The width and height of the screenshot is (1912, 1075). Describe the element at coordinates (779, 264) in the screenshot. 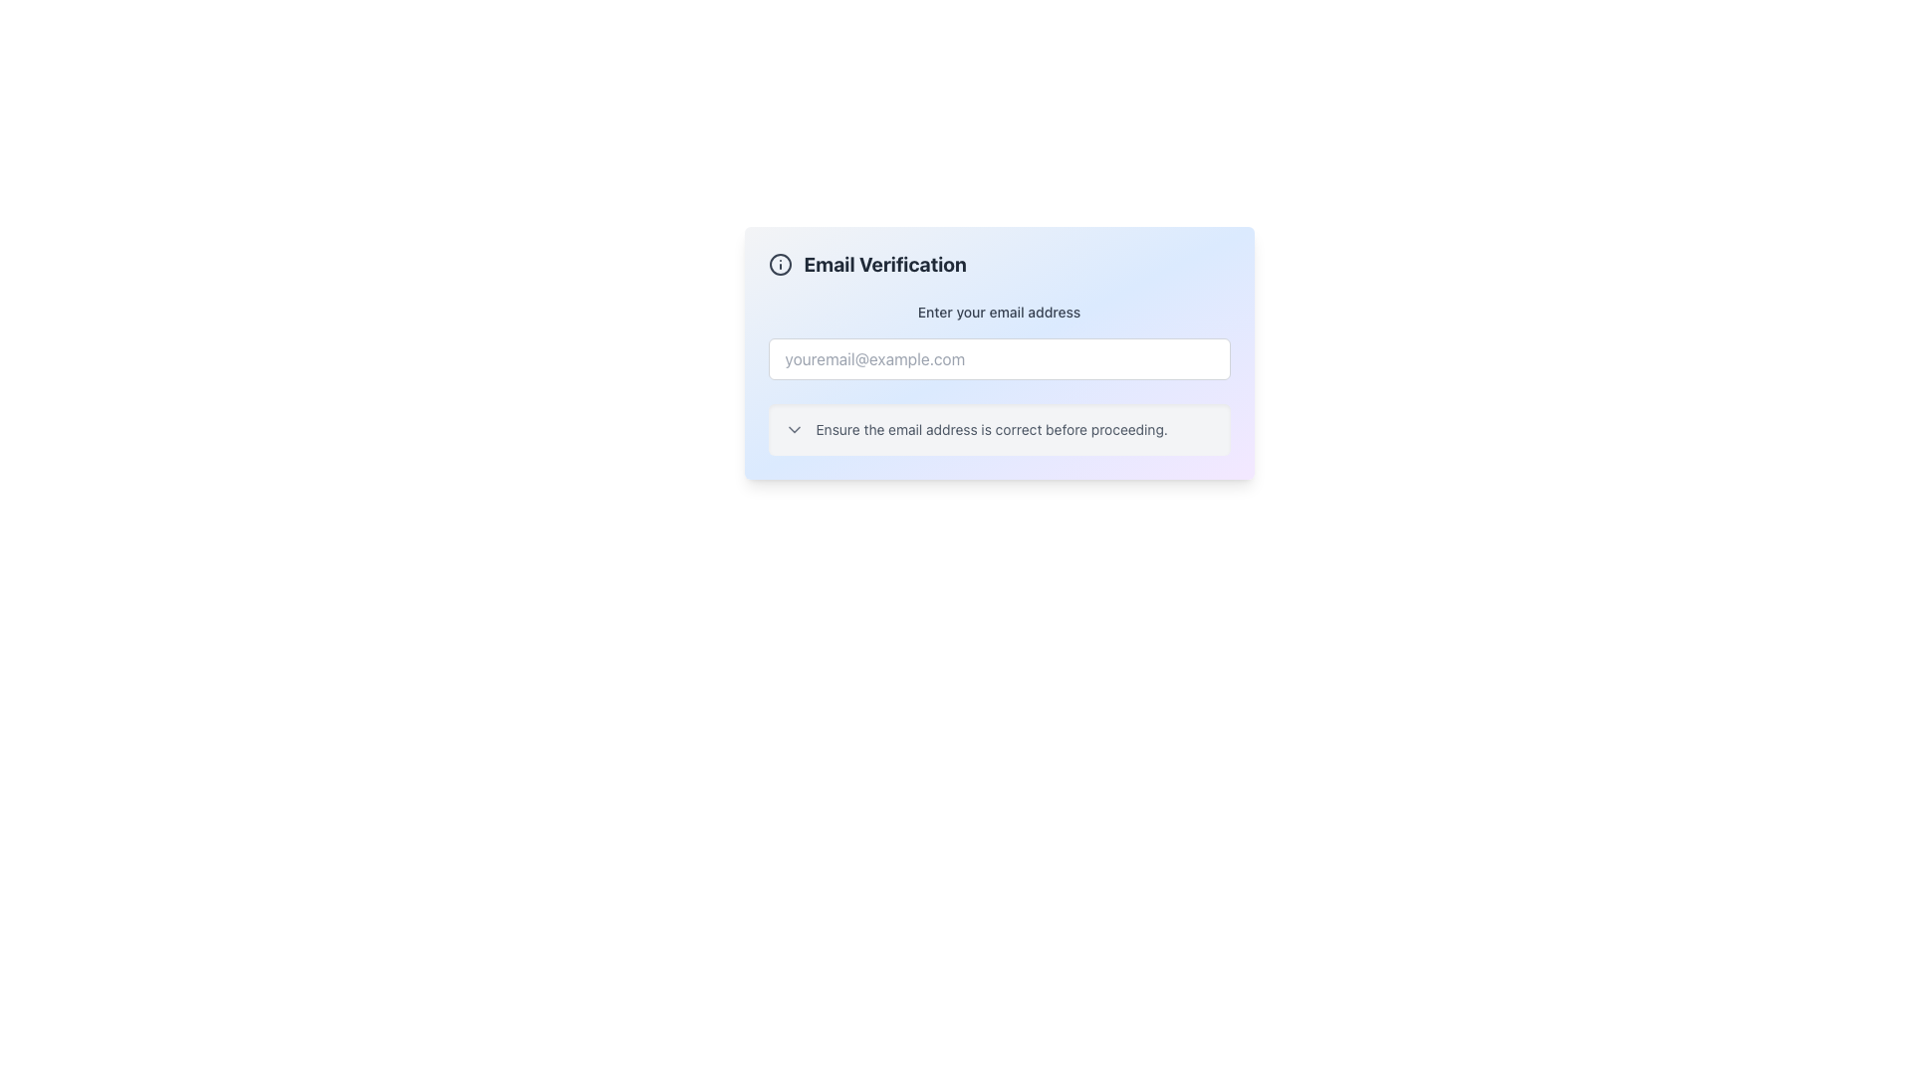

I see `the circular part of the 'info' icon located in the upper-left corner of the card layout next to the 'Email Verification' title text` at that location.